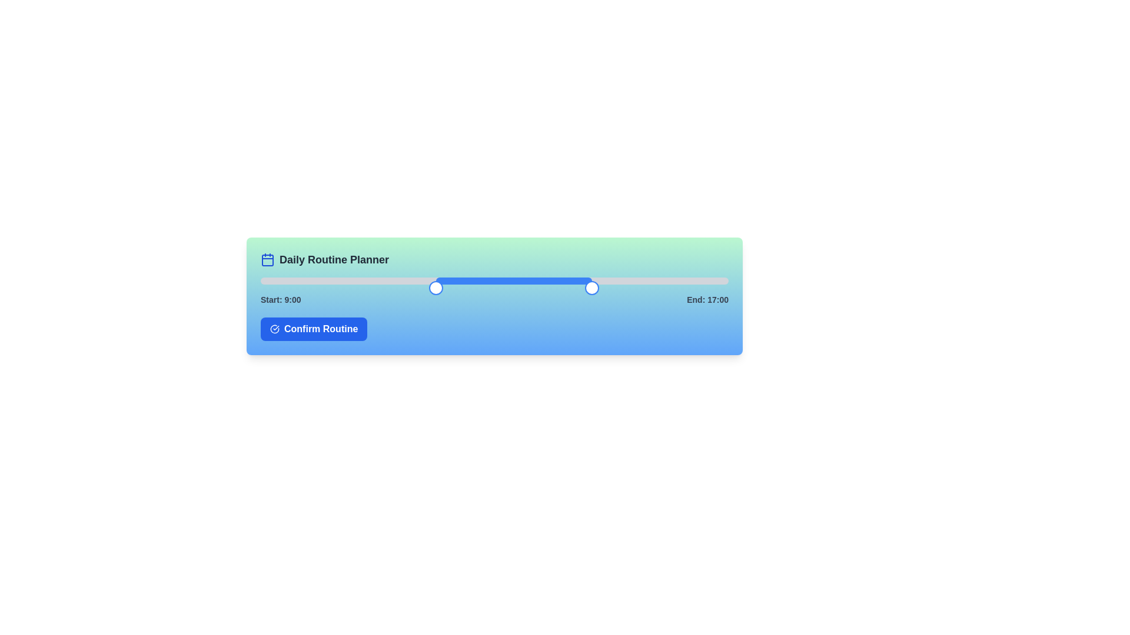  I want to click on the decorative calendar icon representing the 'Daily Routine Planner' section, located at the top-left corner adjacent to the title text, so click(267, 259).